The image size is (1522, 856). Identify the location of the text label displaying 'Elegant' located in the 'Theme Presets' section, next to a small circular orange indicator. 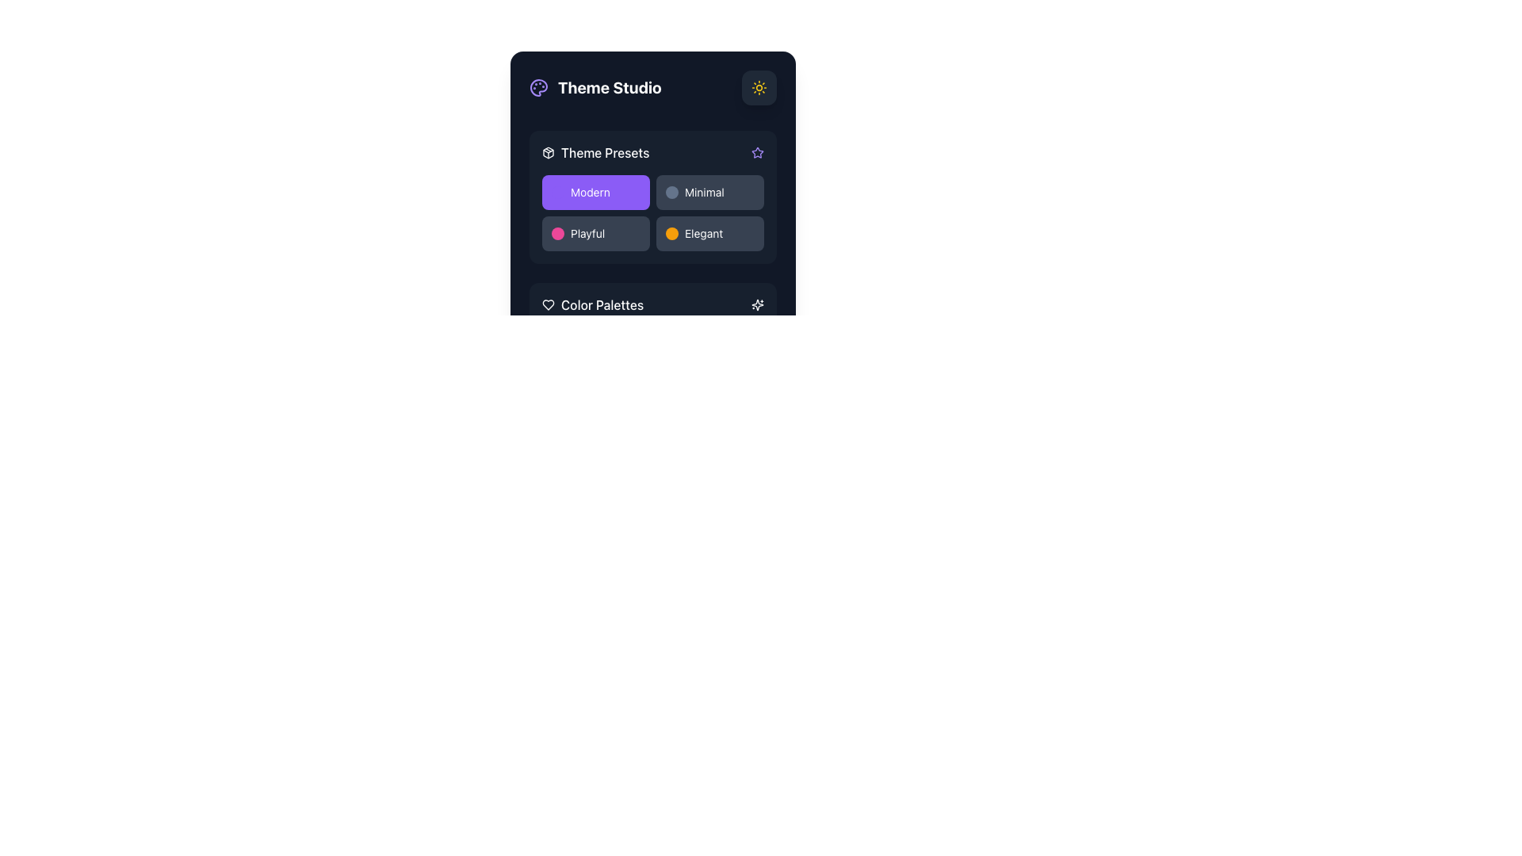
(703, 233).